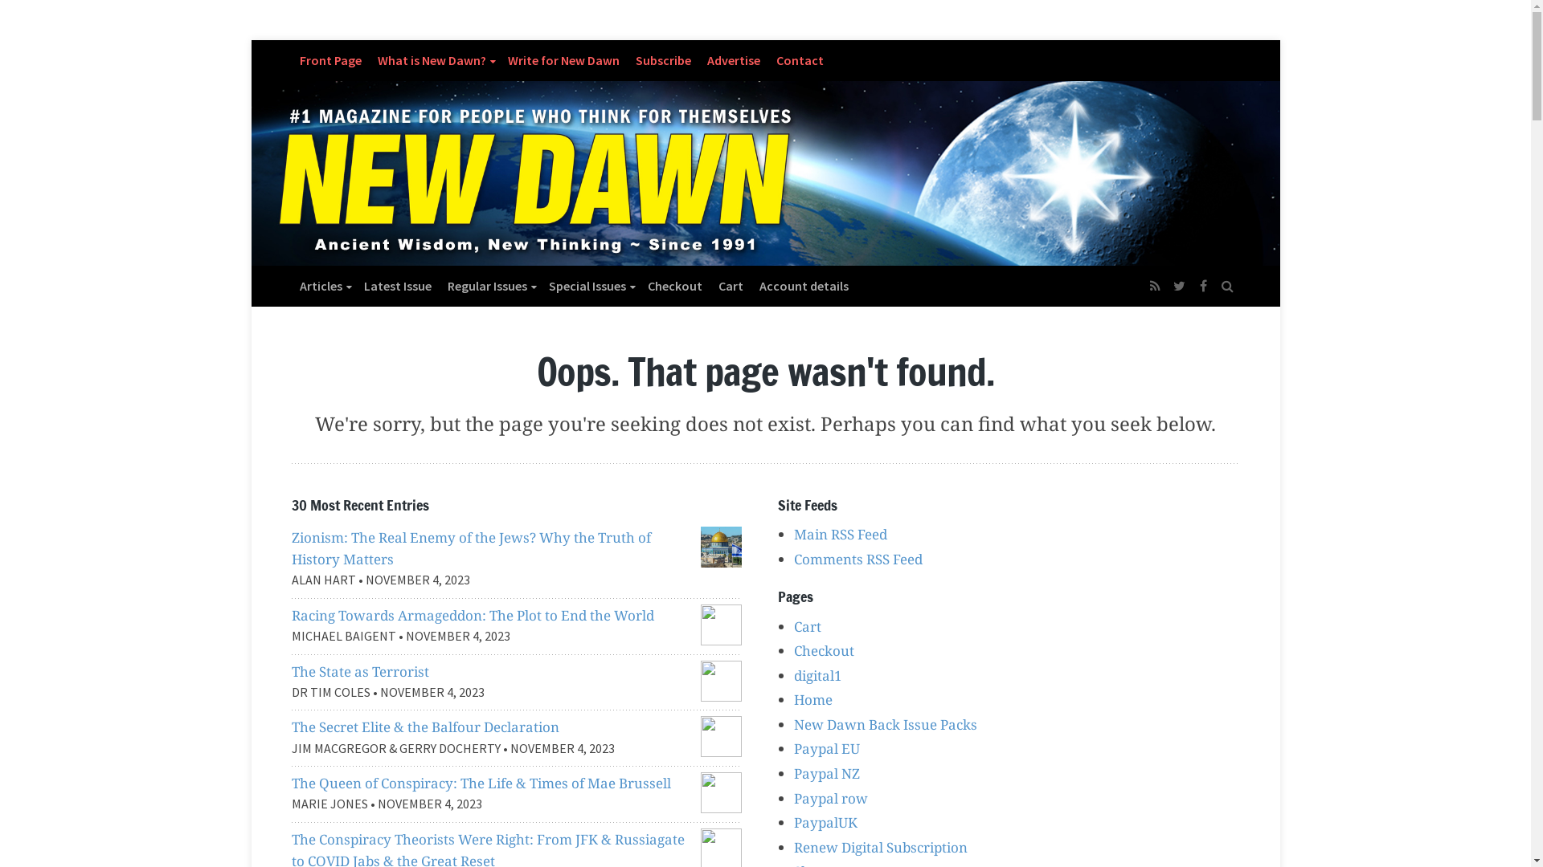 This screenshot has width=1543, height=867. What do you see at coordinates (480, 782) in the screenshot?
I see `'The Queen of Conspiracy: The Life & Times of Mae Brussell'` at bounding box center [480, 782].